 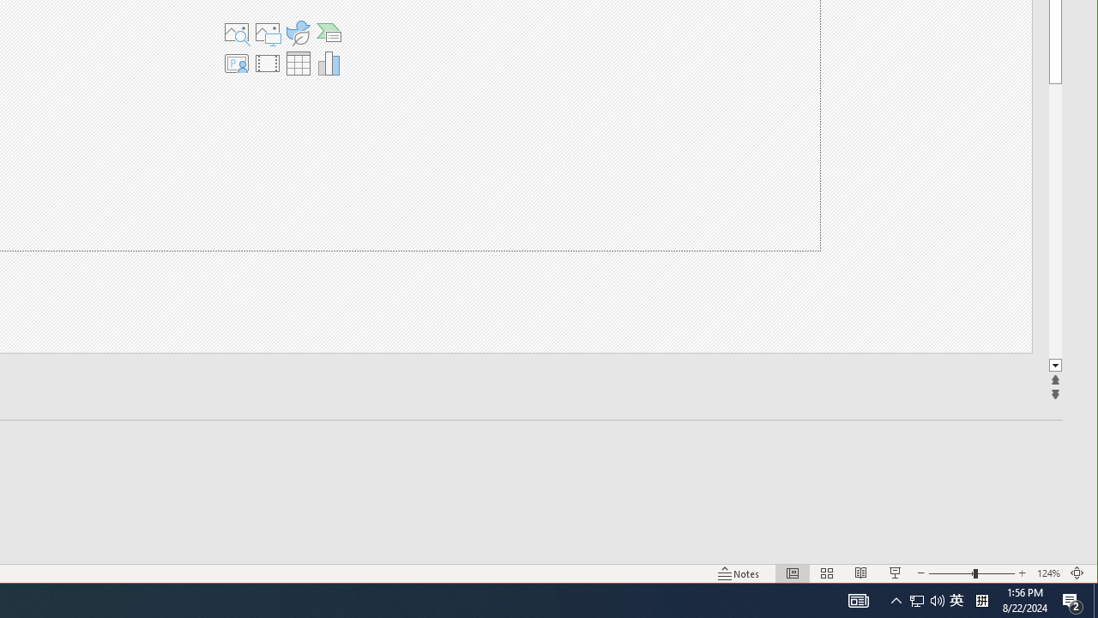 What do you see at coordinates (266, 33) in the screenshot?
I see `'Pictures'` at bounding box center [266, 33].